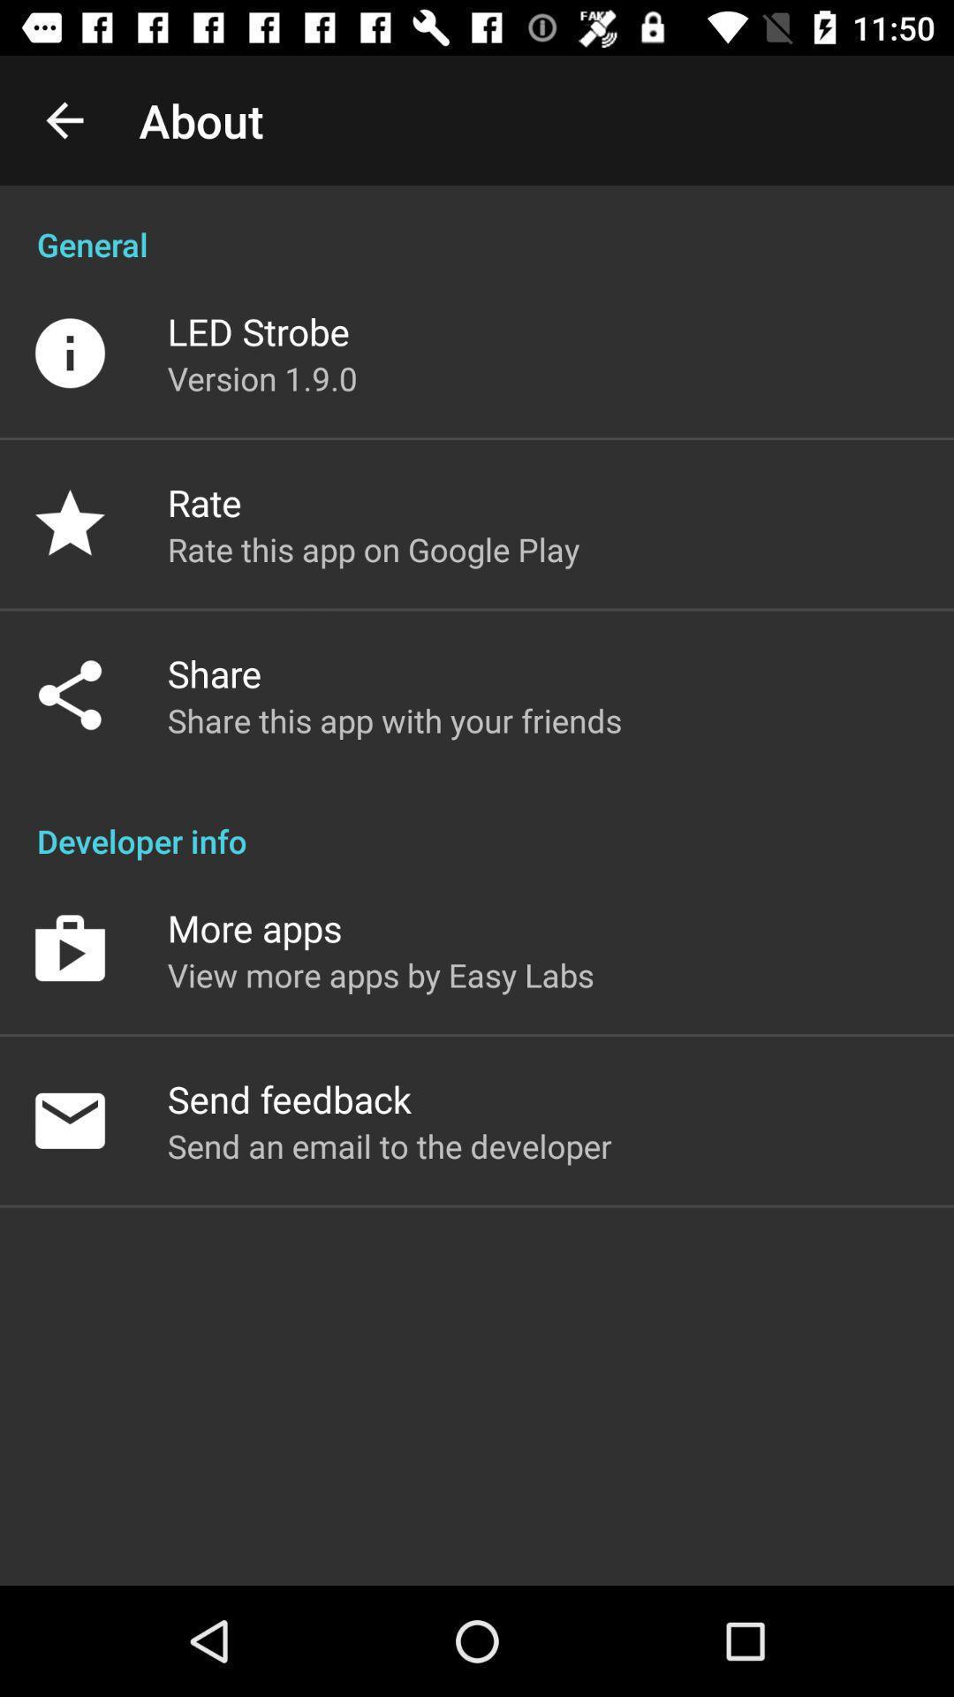  I want to click on the item above general item, so click(64, 119).